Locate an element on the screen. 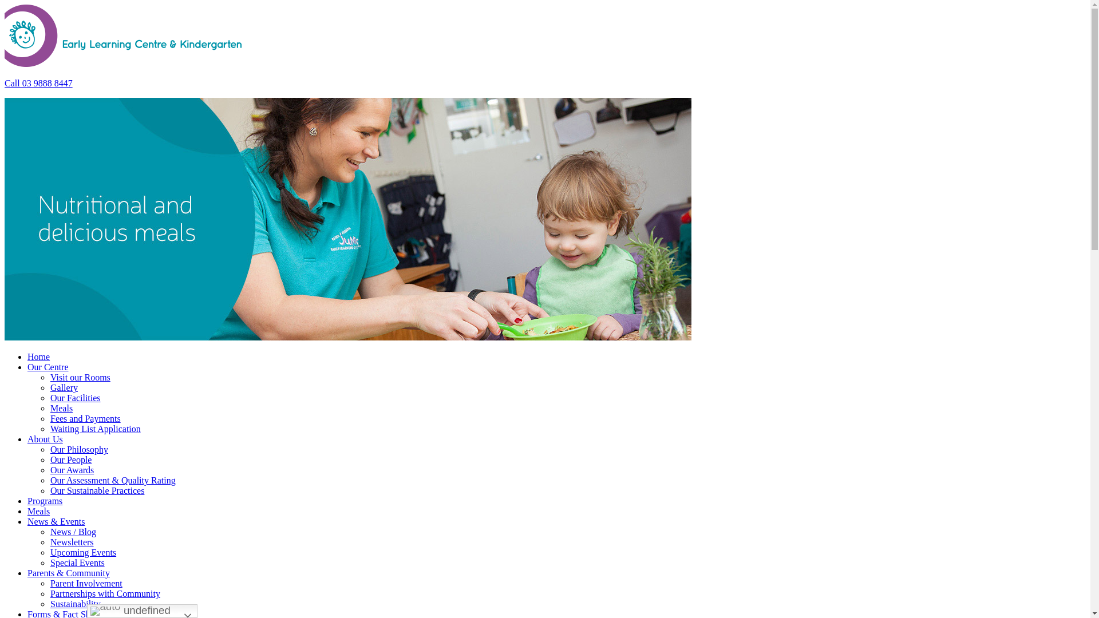 Image resolution: width=1099 pixels, height=618 pixels. 'Our Sustainable Practices' is located at coordinates (97, 490).